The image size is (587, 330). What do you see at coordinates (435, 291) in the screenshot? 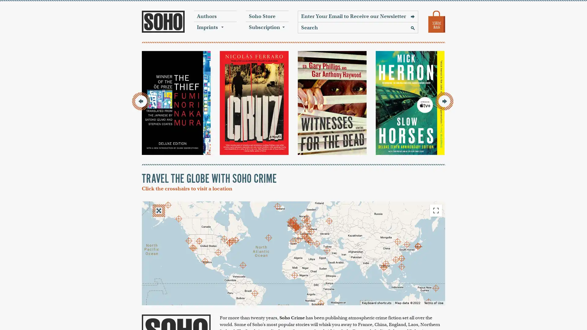
I see `Zoom out` at bounding box center [435, 291].